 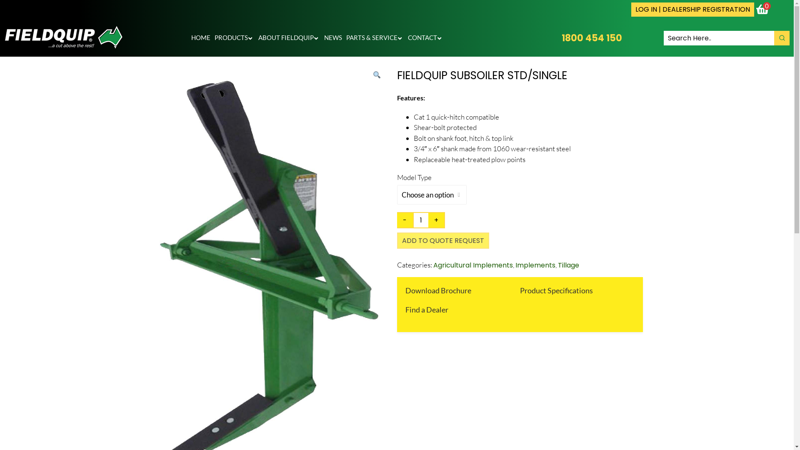 What do you see at coordinates (692, 10) in the screenshot?
I see `'LOG IN | DEALERSHIP REGISTRATION'` at bounding box center [692, 10].